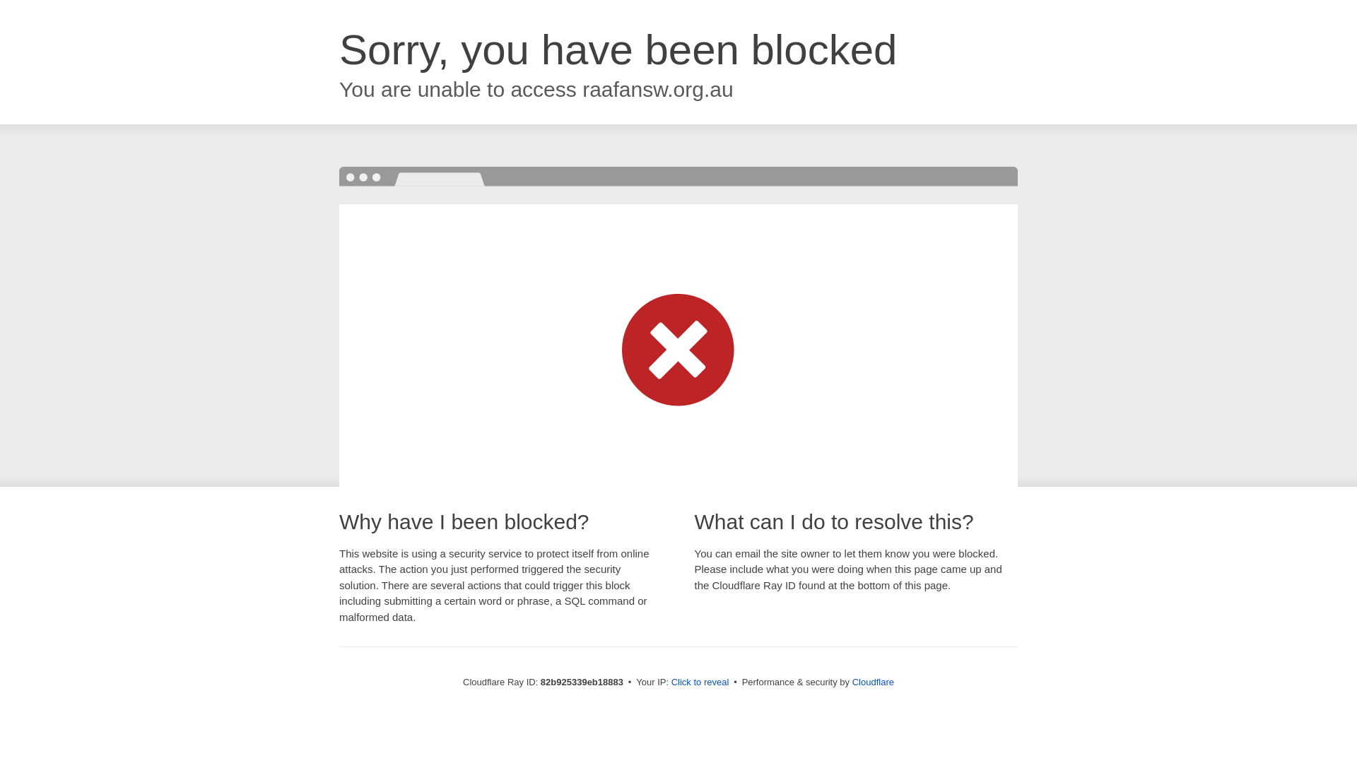  I want to click on 'Click to reveal', so click(700, 681).